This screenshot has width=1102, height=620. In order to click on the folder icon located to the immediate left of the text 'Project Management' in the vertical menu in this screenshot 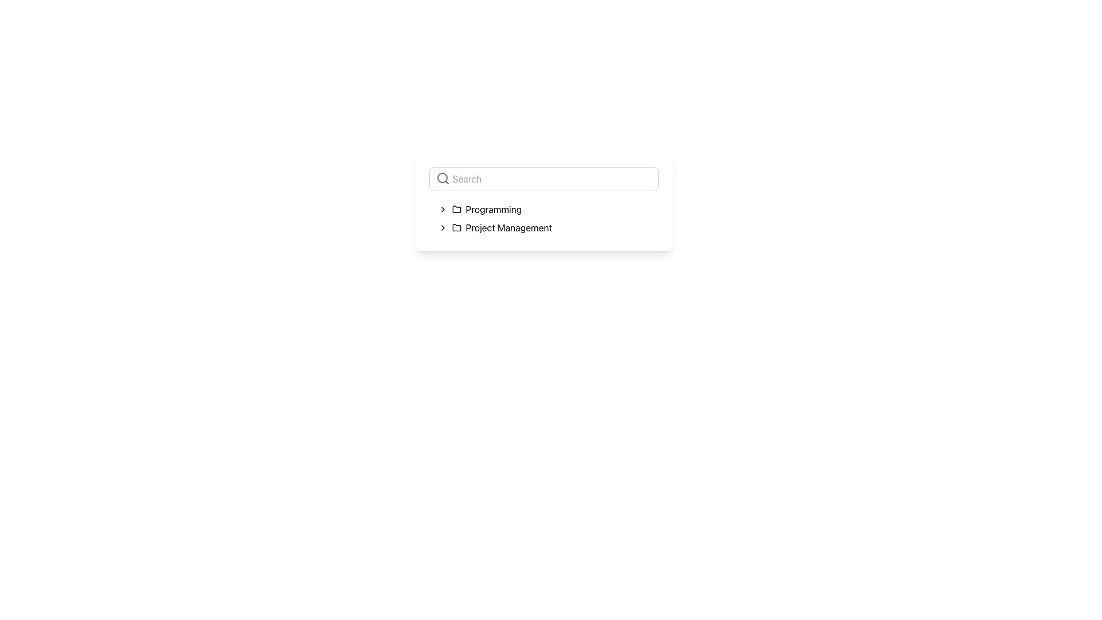, I will do `click(456, 228)`.